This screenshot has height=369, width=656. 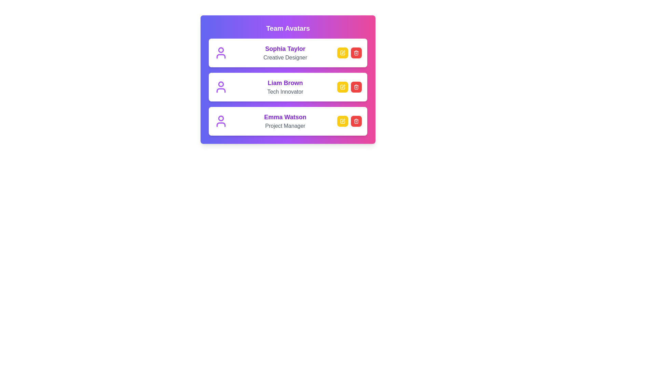 I want to click on text component displaying the name 'Sophia Taylor' in bold, purple-colored, large font, which is positioned in the first section of a vertical list, so click(x=285, y=48).